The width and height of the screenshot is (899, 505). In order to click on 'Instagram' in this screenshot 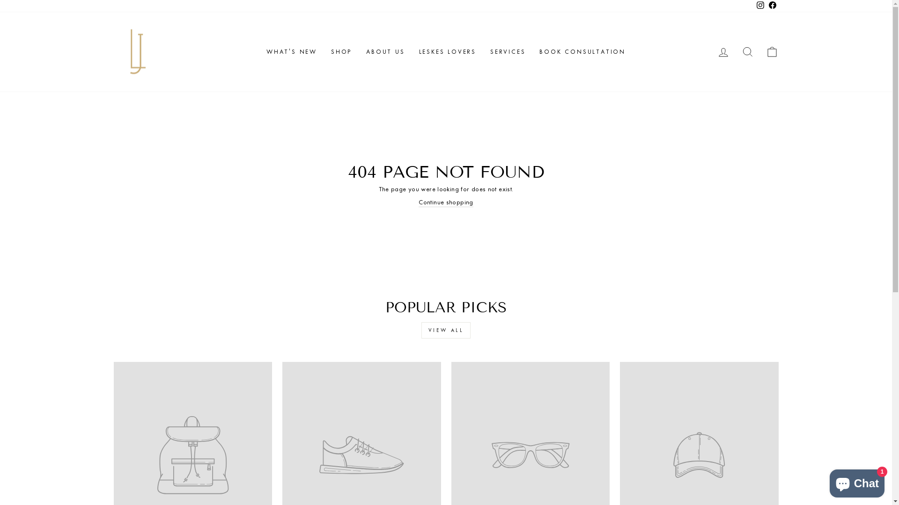, I will do `click(759, 6)`.